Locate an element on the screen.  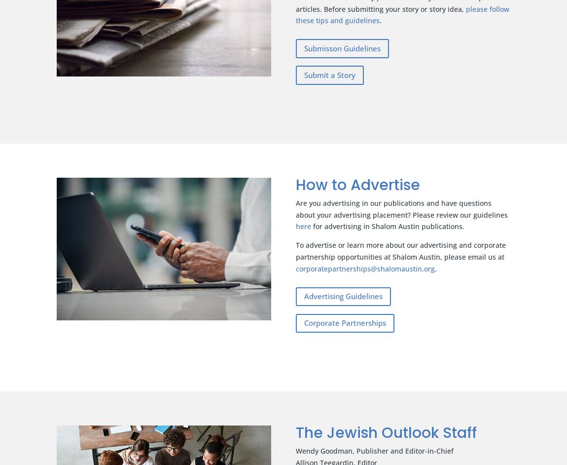
'Advertising Guidelines' is located at coordinates (343, 296).